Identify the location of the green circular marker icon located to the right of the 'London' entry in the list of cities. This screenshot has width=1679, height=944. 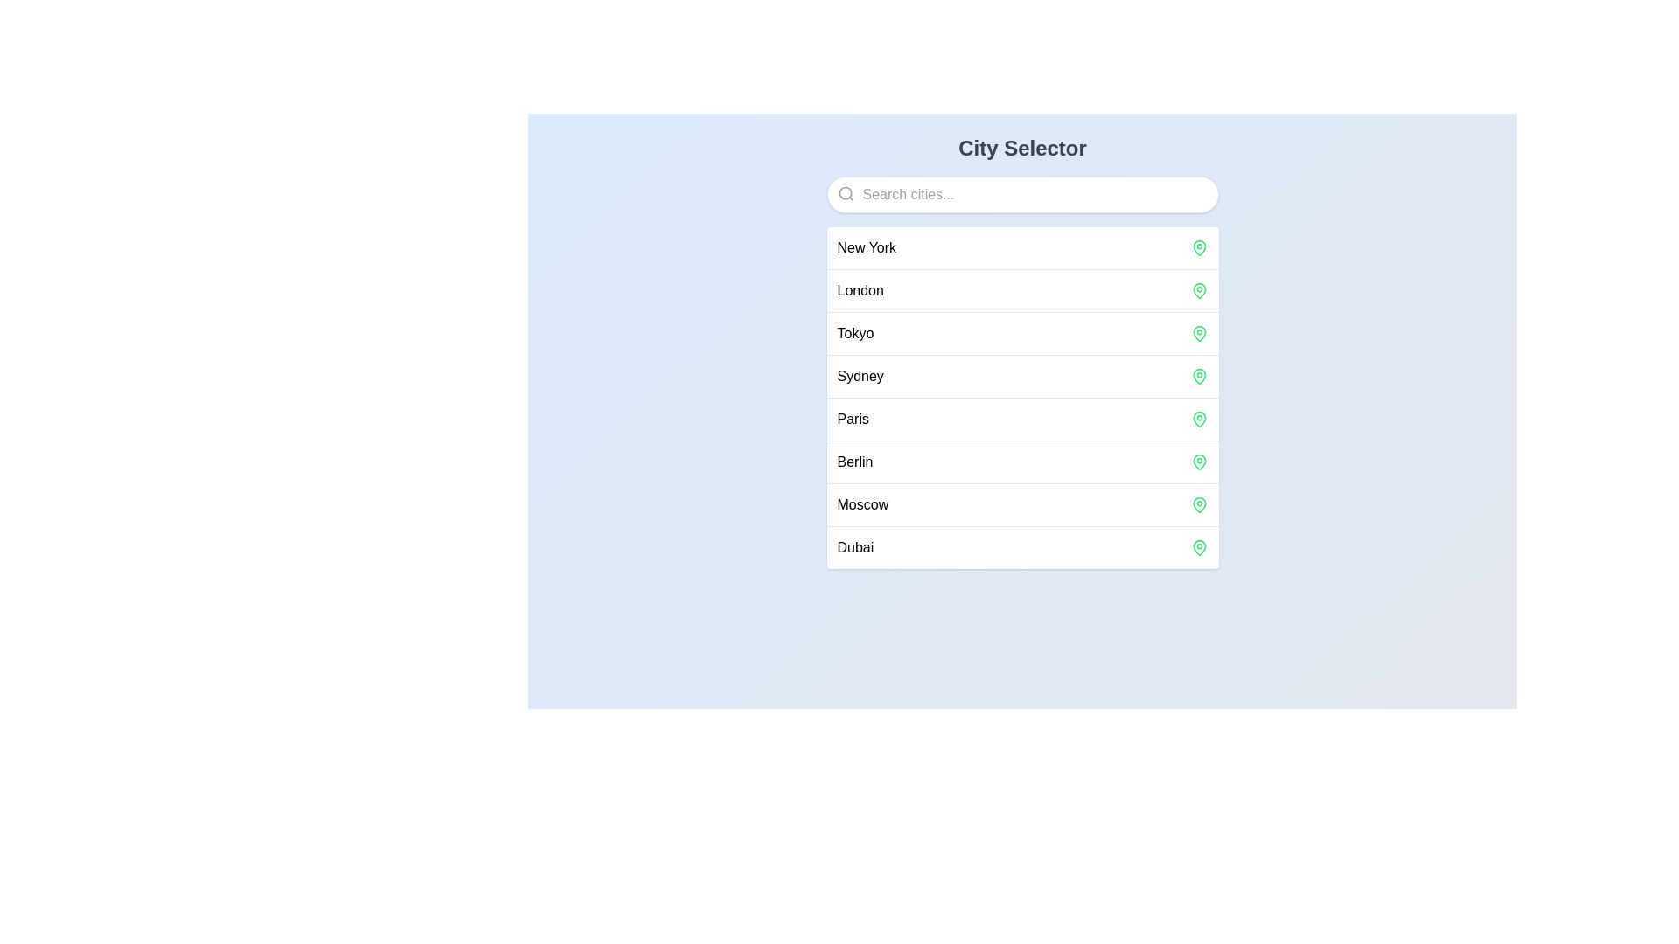
(1198, 289).